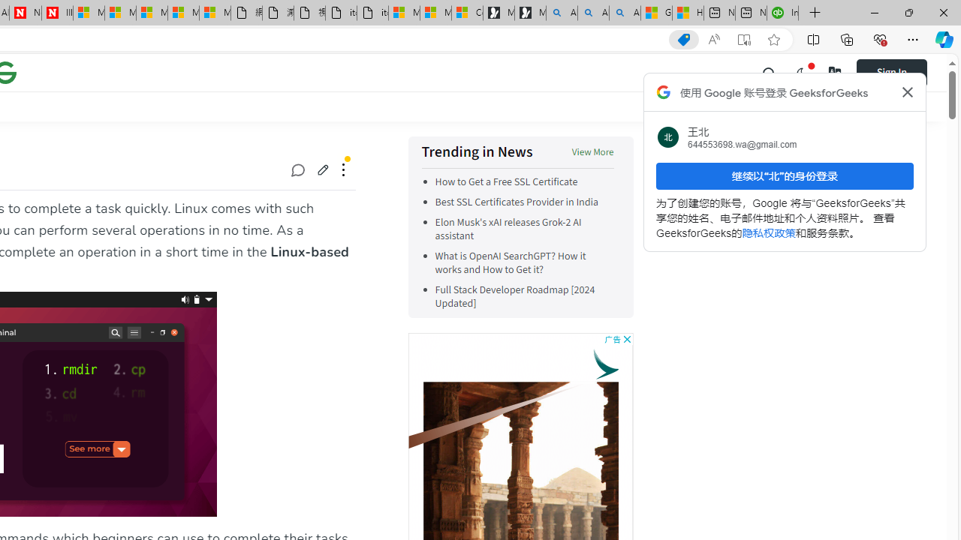  I want to click on 'Alabama high school quarterback dies - Search Videos', so click(625, 13).